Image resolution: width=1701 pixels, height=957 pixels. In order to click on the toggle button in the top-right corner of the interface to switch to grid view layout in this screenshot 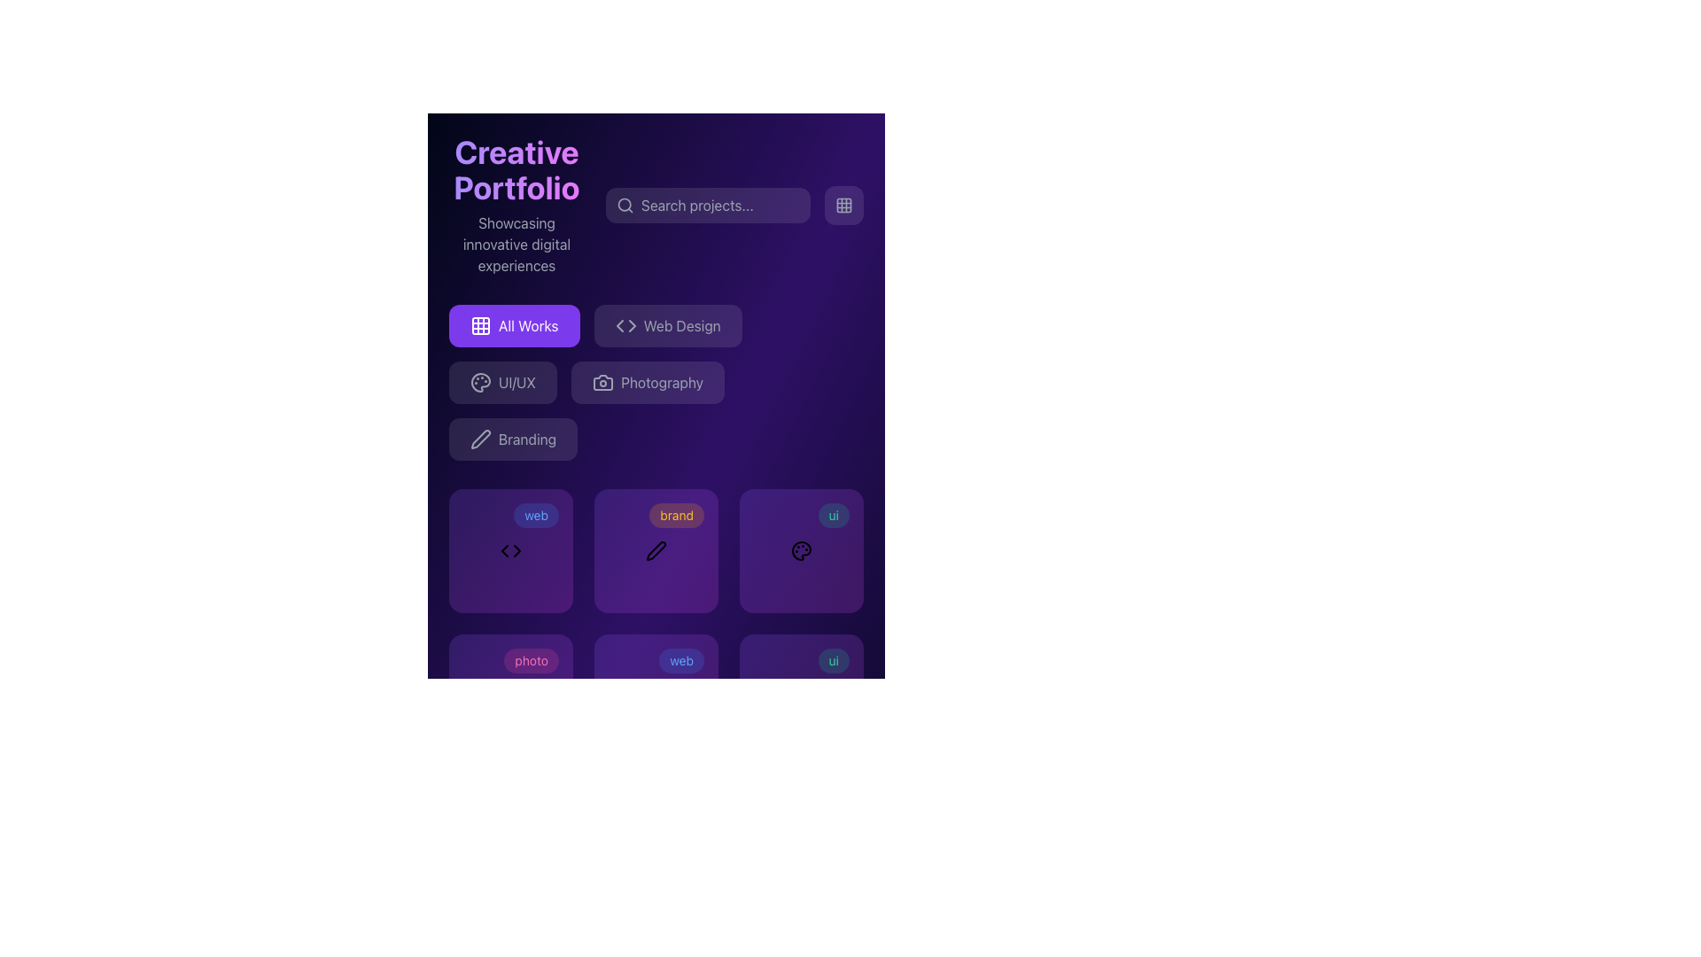, I will do `click(843, 204)`.